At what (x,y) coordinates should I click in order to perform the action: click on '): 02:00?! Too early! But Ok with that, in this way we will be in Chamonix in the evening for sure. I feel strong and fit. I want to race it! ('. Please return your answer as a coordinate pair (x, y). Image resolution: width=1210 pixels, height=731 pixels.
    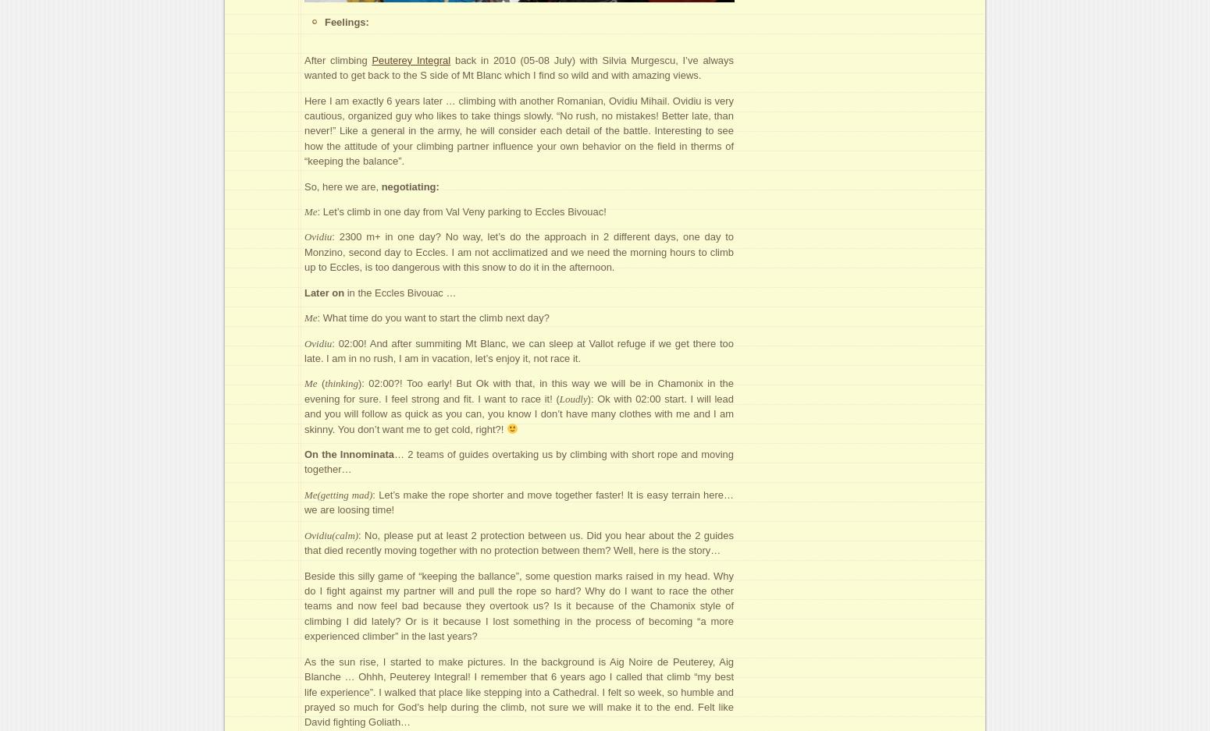
    Looking at the image, I should click on (518, 391).